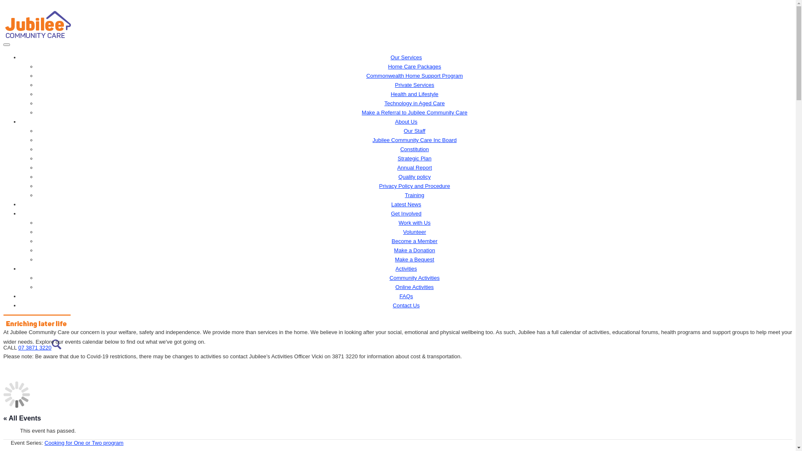  Describe the element at coordinates (359, 112) in the screenshot. I see `'Make a Referral to Jubilee Community Care'` at that location.